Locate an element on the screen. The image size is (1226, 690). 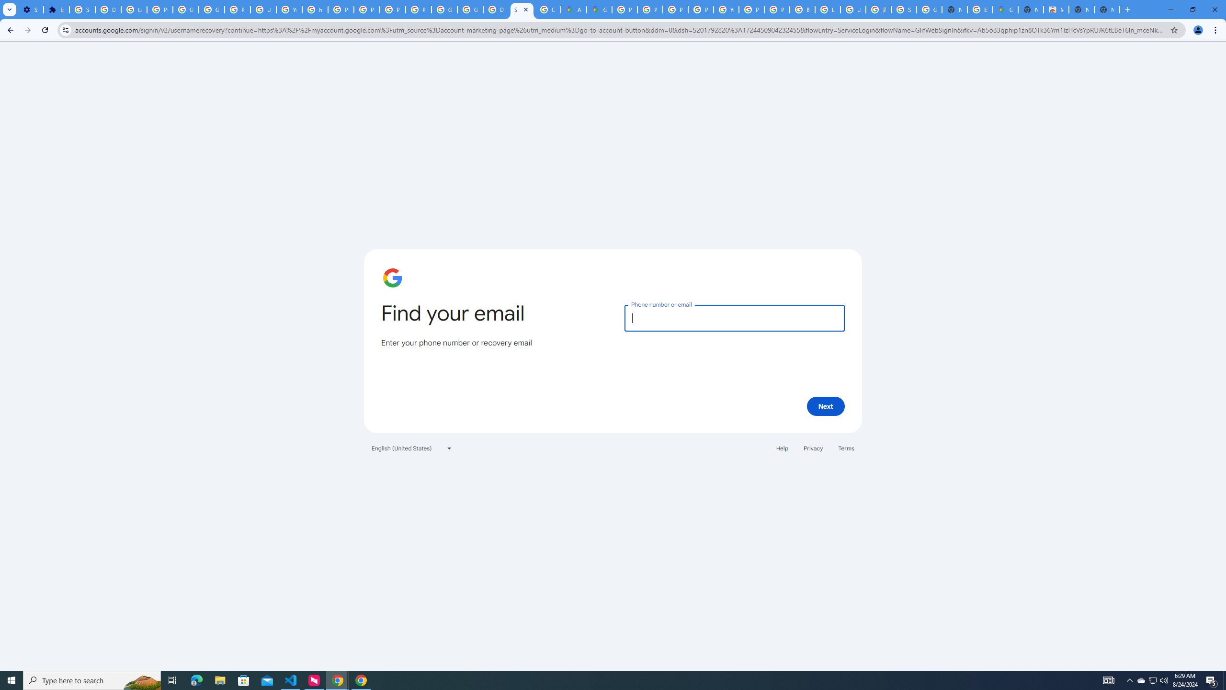
'Phone number or email' is located at coordinates (734, 317).